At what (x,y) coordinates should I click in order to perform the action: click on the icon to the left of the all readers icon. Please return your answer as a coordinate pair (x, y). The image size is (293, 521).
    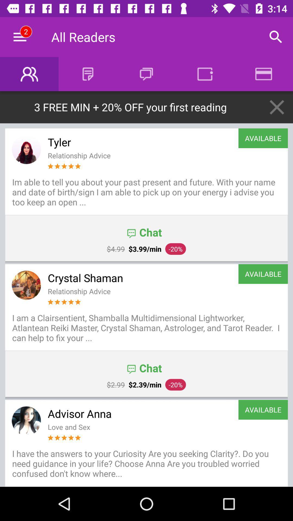
    Looking at the image, I should click on (20, 37).